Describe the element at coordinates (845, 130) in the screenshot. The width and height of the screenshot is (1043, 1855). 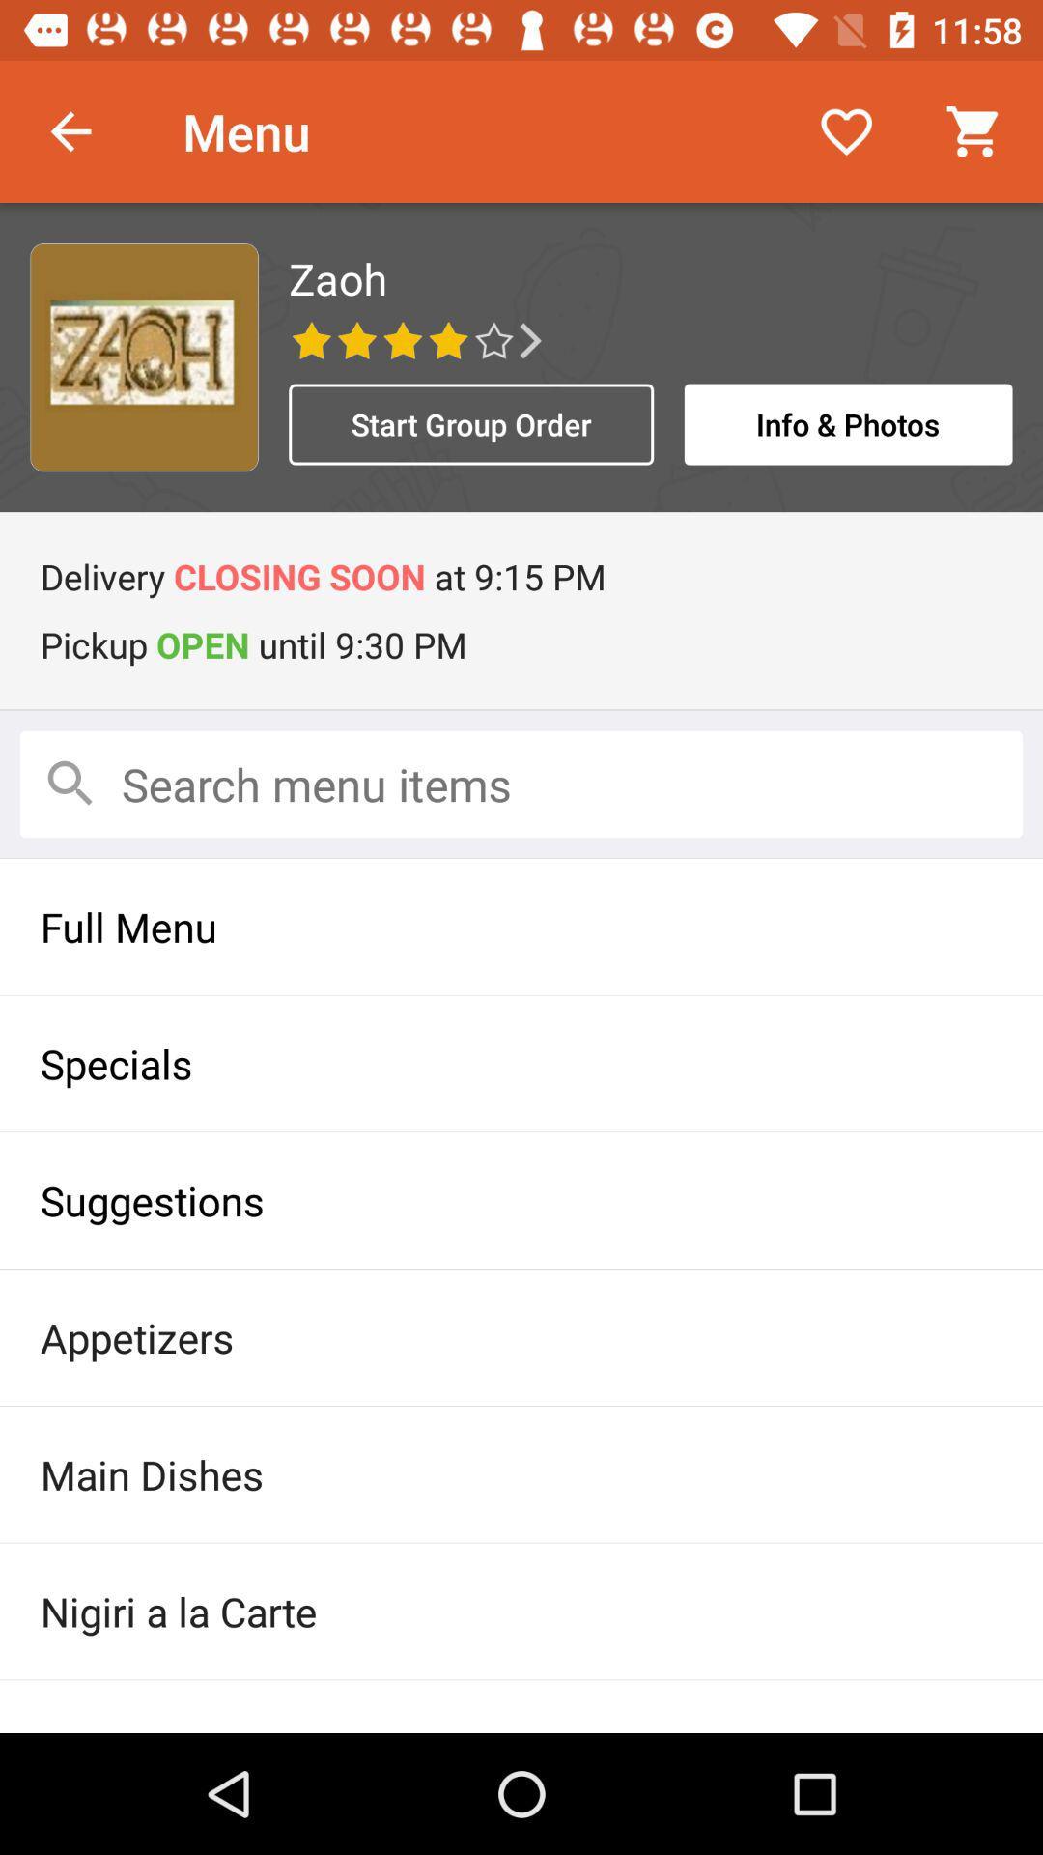
I see `icon to the right of the menu item` at that location.